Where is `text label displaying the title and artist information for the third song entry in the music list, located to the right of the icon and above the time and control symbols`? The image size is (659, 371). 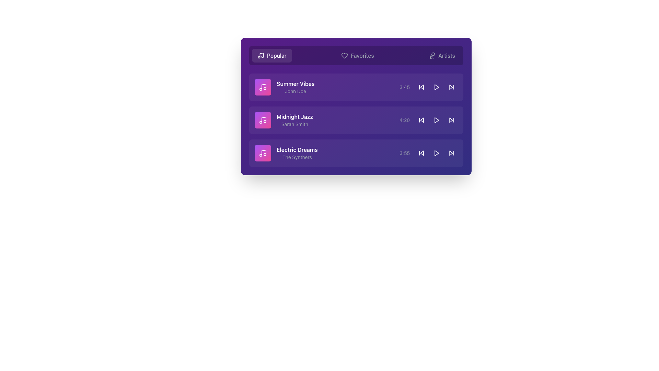 text label displaying the title and artist information for the third song entry in the music list, located to the right of the icon and above the time and control symbols is located at coordinates (297, 153).